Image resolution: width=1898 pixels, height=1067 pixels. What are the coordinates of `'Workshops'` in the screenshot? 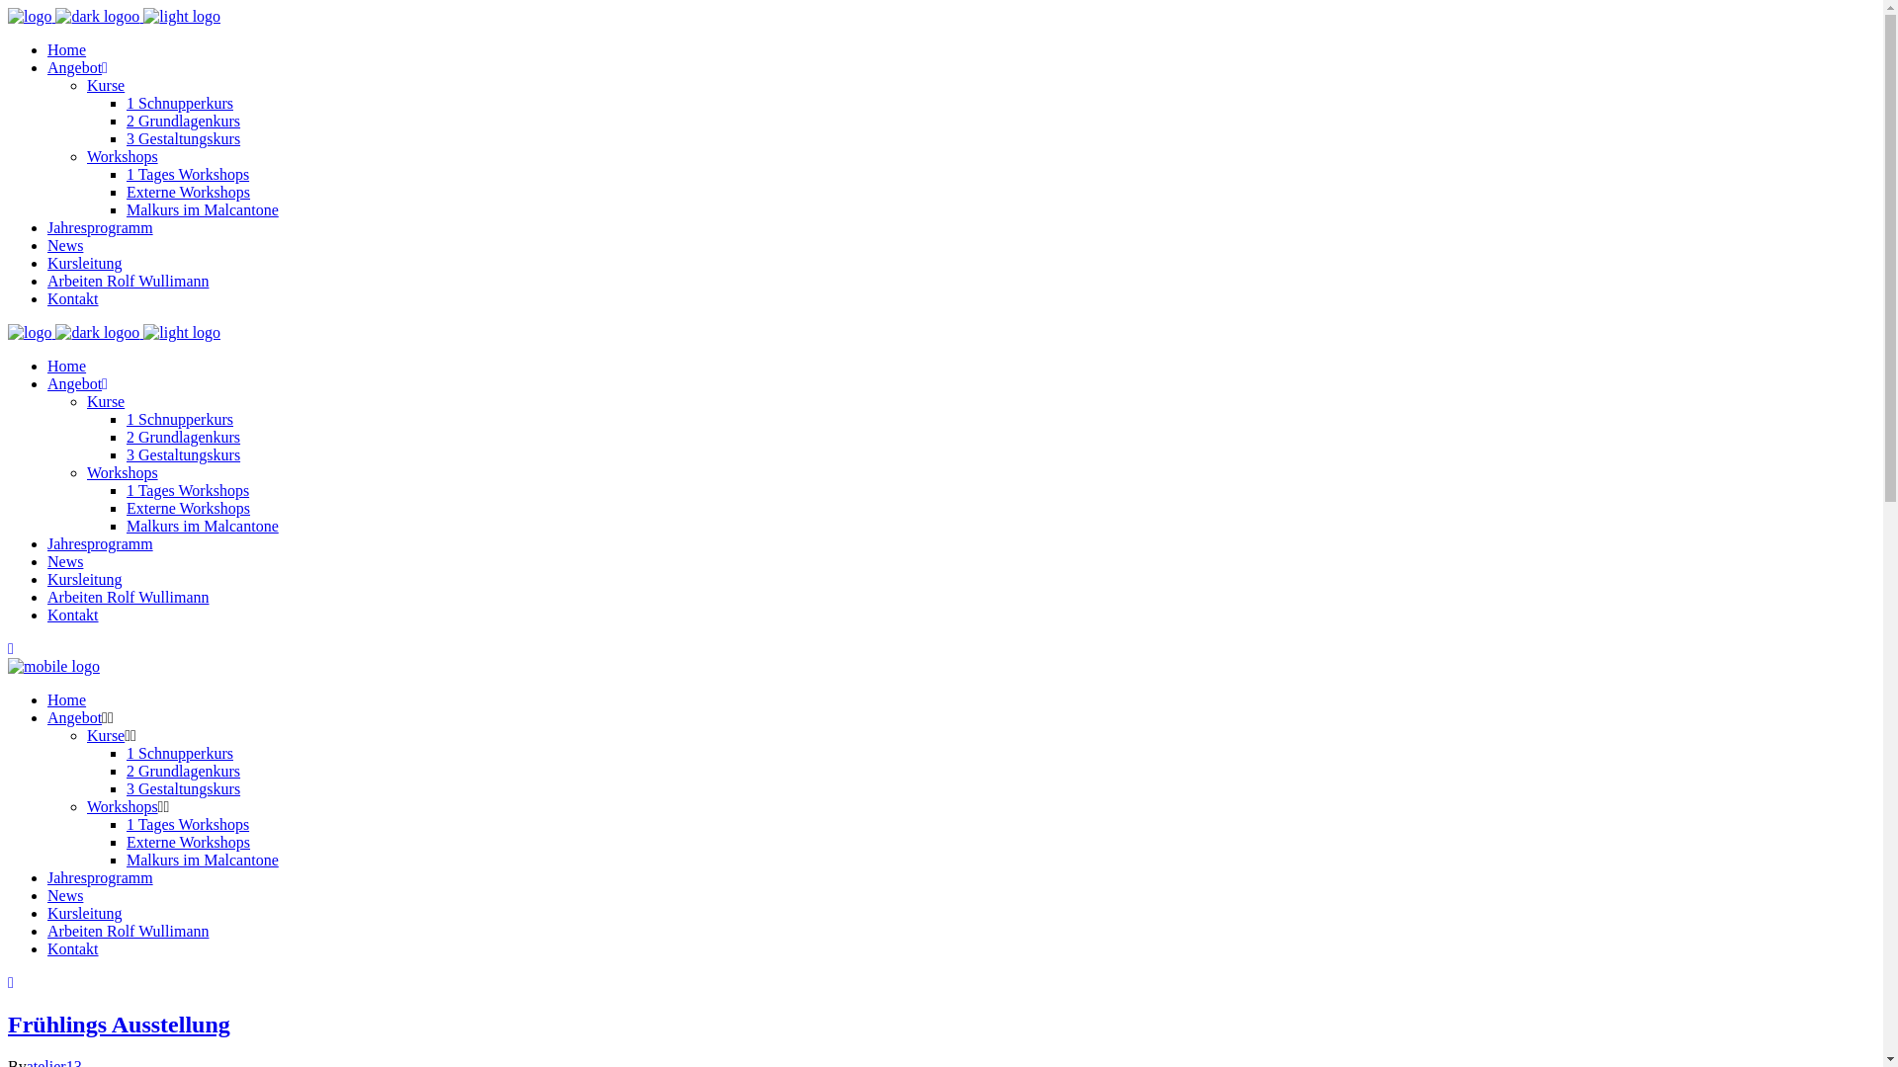 It's located at (122, 472).